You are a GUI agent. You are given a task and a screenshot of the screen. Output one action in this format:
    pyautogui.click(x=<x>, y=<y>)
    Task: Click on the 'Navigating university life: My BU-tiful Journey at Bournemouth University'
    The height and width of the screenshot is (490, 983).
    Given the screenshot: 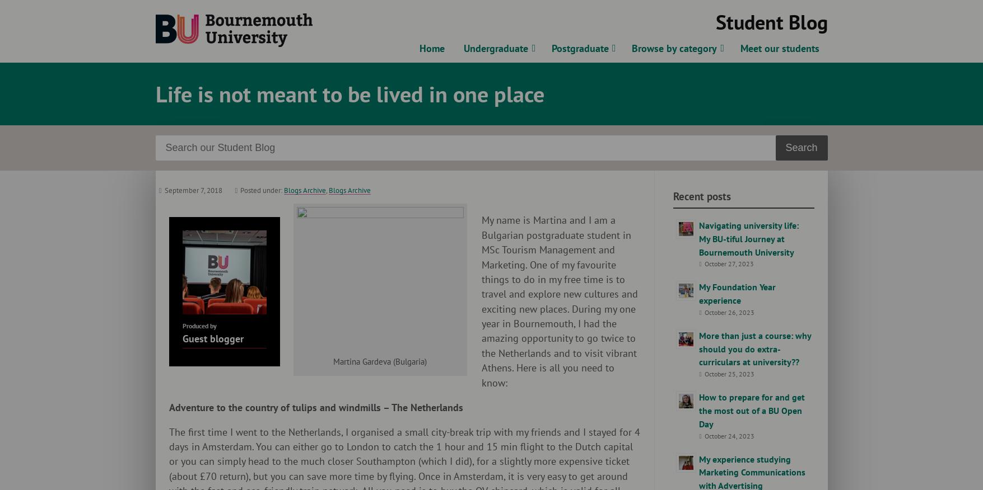 What is the action you would take?
    pyautogui.click(x=748, y=238)
    